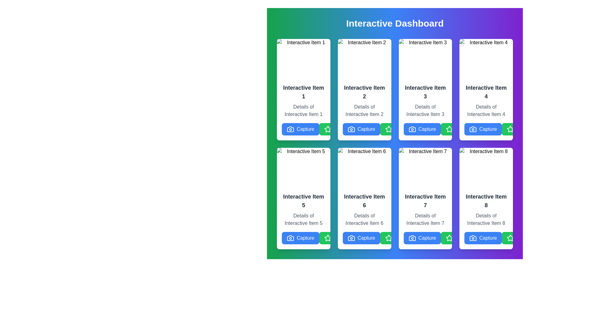 The height and width of the screenshot is (334, 594). What do you see at coordinates (327, 129) in the screenshot?
I see `the star icon located to the left of the 'Favorite' button in the second column, first row of the grid layout` at bounding box center [327, 129].